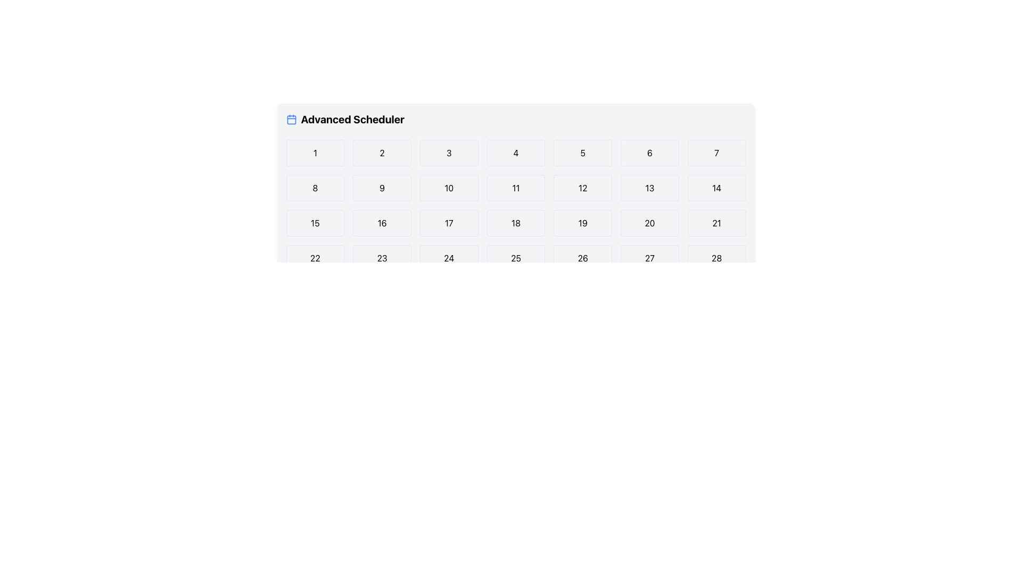 The height and width of the screenshot is (574, 1022). Describe the element at coordinates (315, 188) in the screenshot. I see `the button displaying the numeral '8' with rounded corners located` at that location.